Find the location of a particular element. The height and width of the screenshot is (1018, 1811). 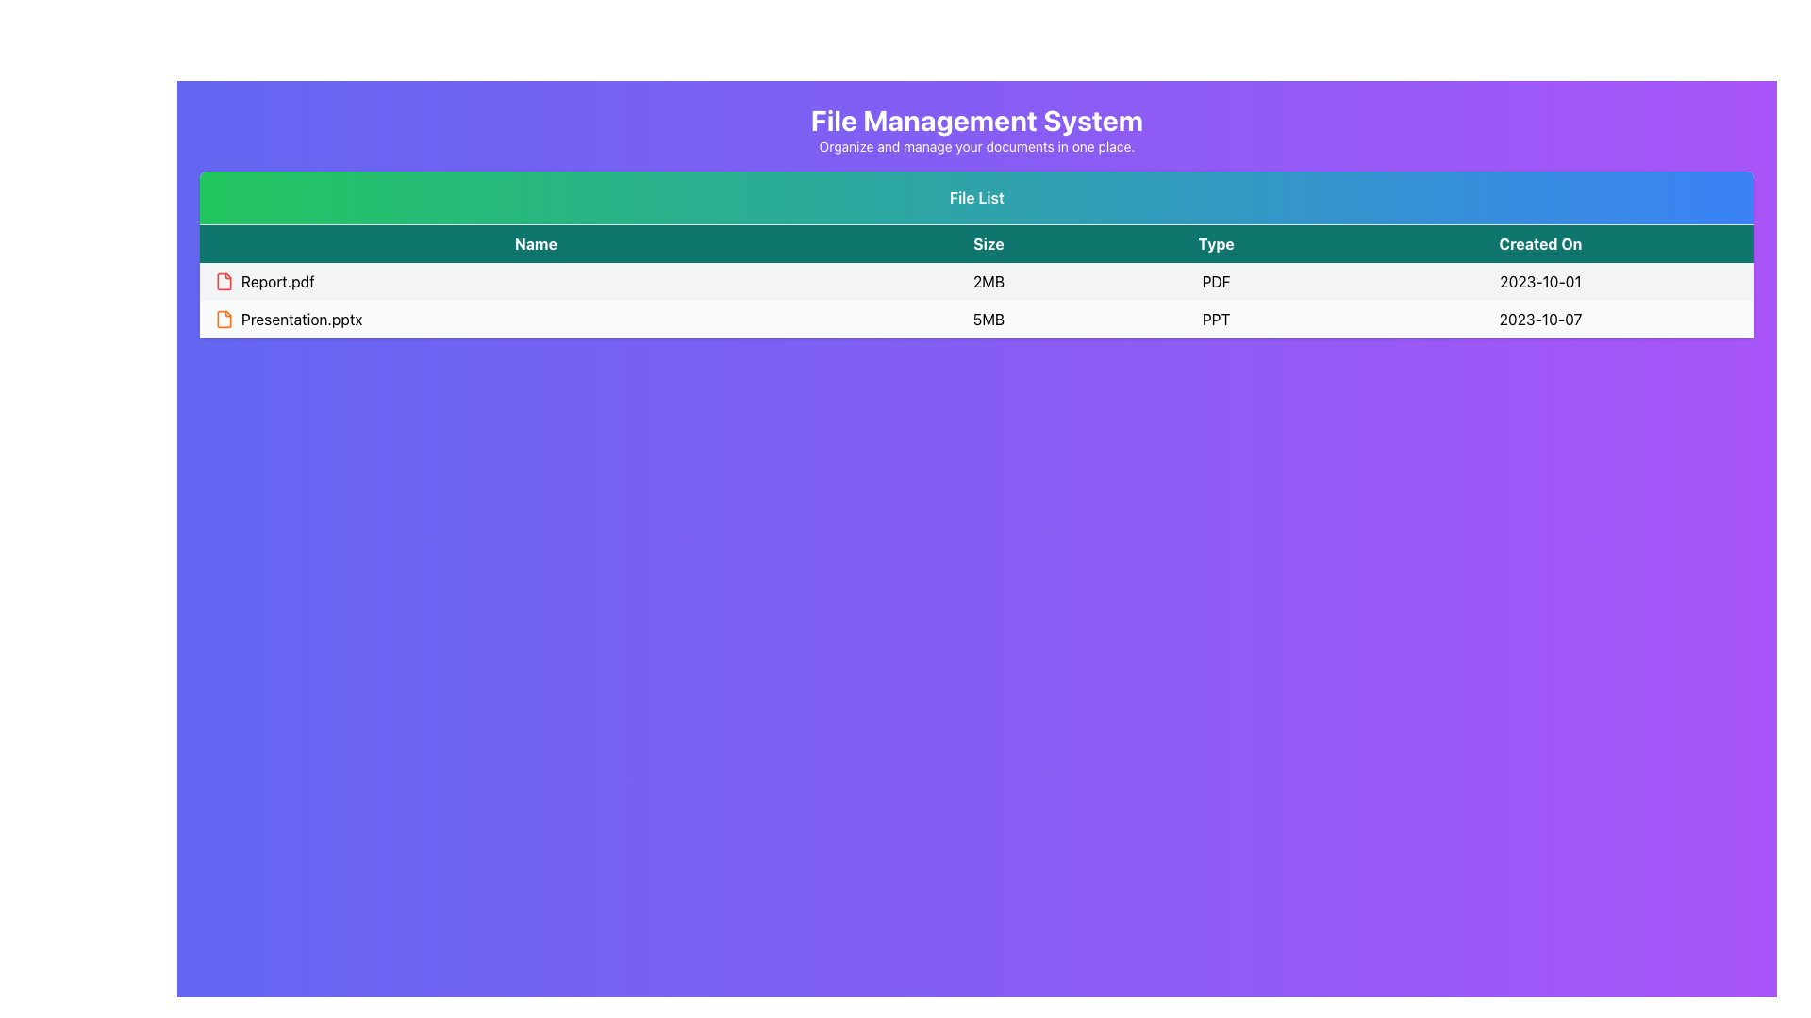

the text label displaying 'PPT' in bold style, located in the 'Type' column of the row corresponding to the file 'Presentation.pptx' is located at coordinates (1216, 319).